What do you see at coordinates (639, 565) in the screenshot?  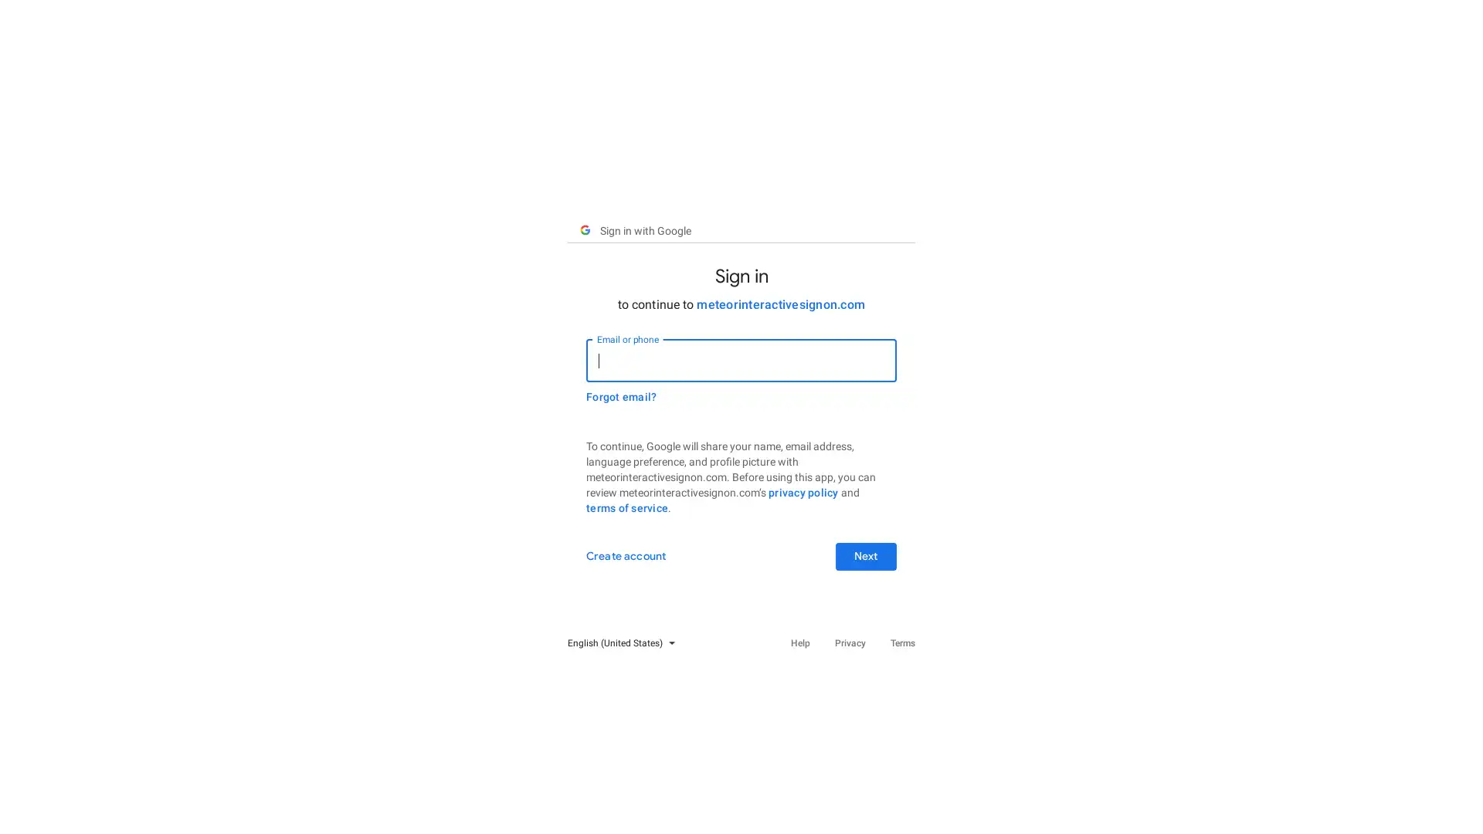 I see `Create account` at bounding box center [639, 565].